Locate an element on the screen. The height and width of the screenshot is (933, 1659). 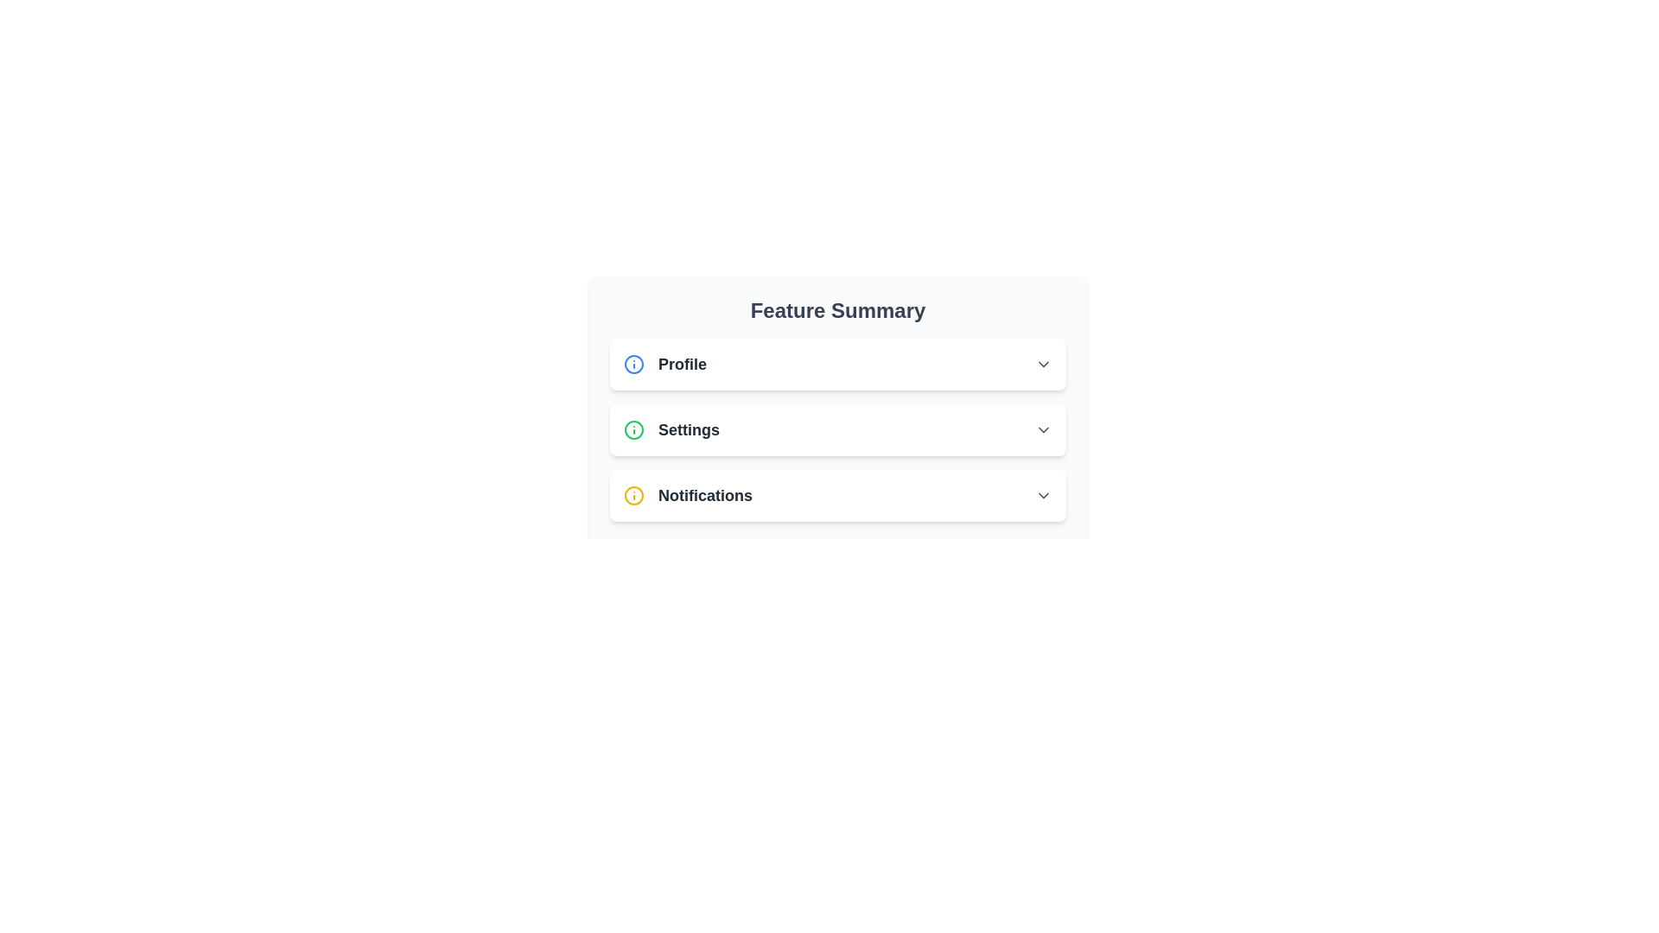
the downward-facing chevron icon located at the far right of the 'Notifications' section is located at coordinates (1043, 496).